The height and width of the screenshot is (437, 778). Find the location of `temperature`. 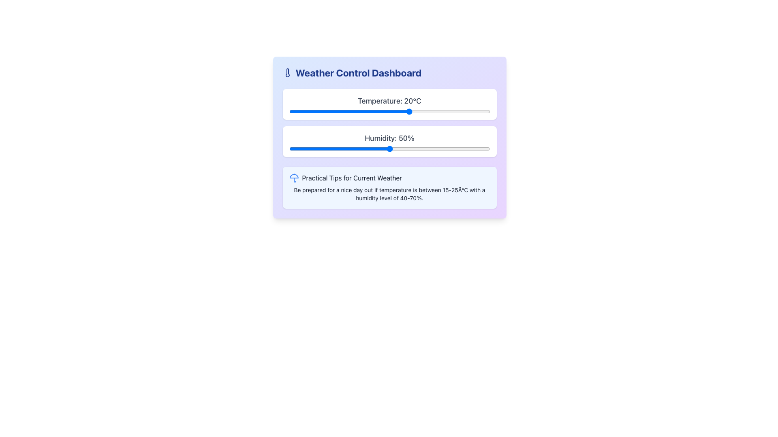

temperature is located at coordinates (373, 112).